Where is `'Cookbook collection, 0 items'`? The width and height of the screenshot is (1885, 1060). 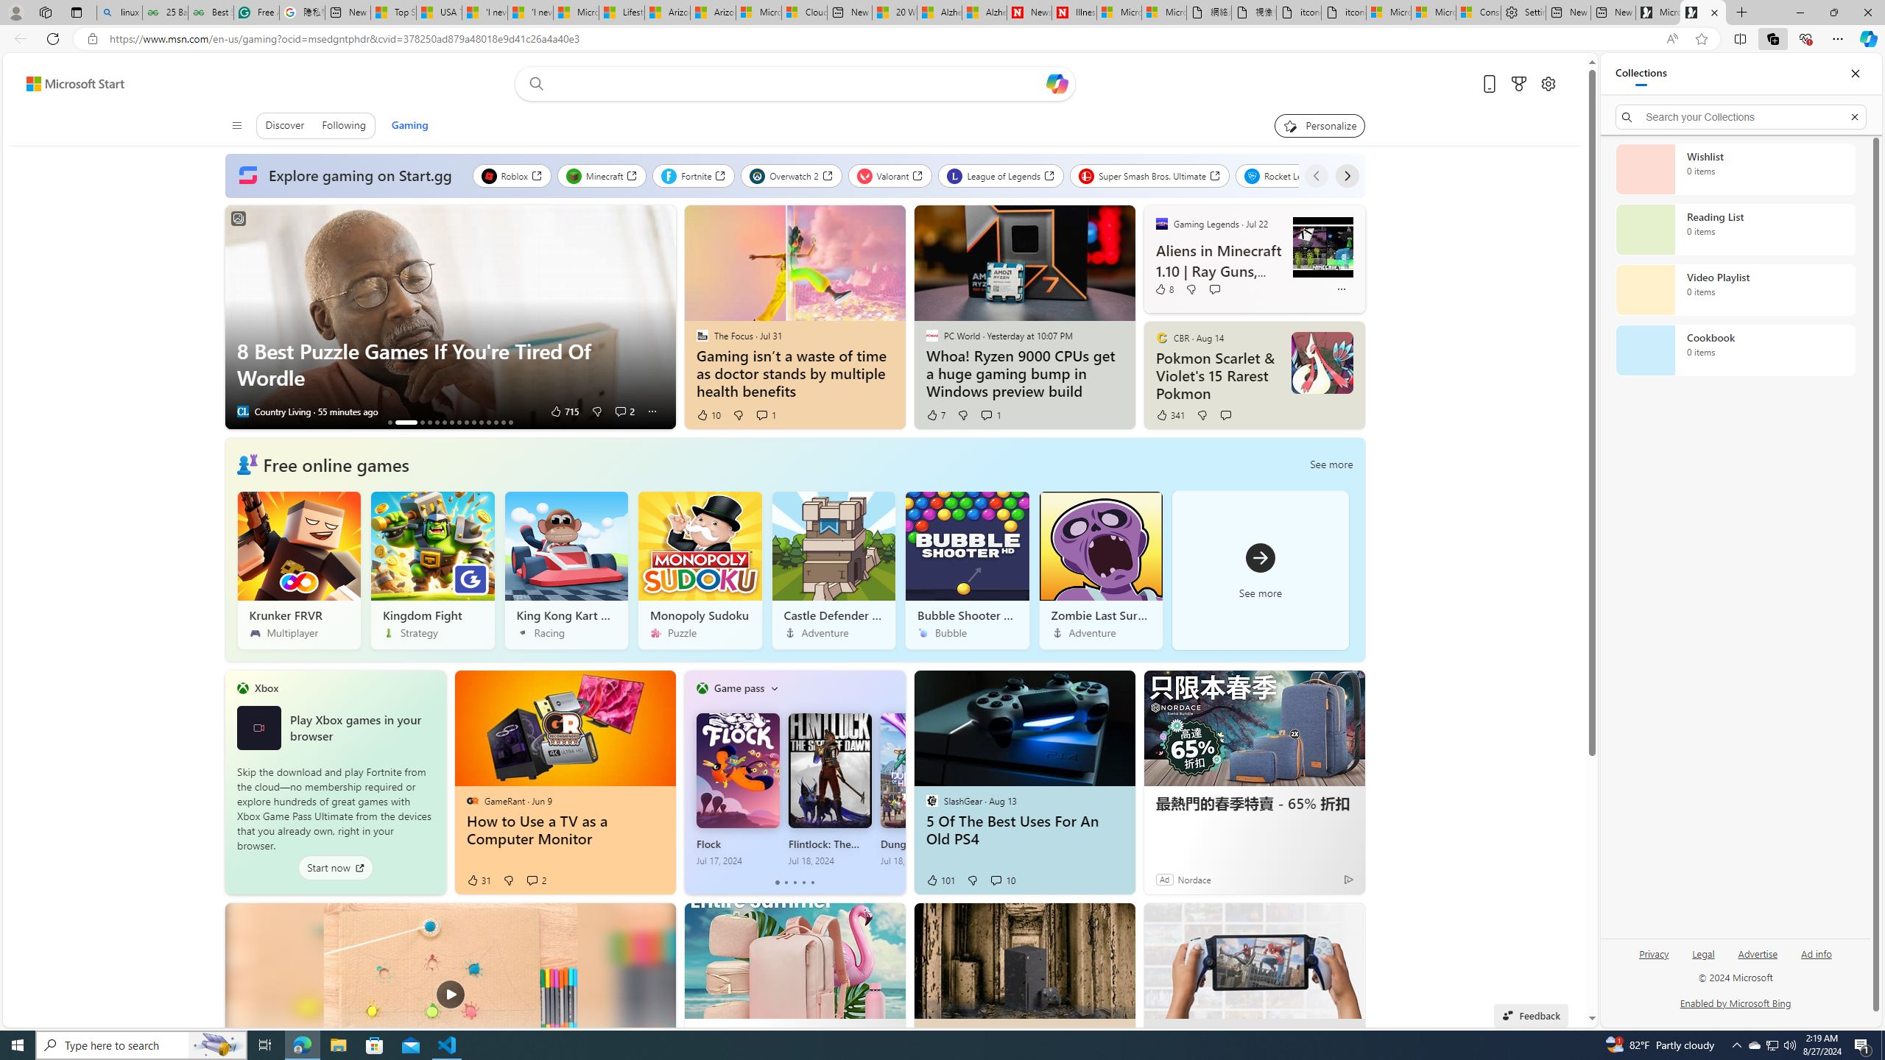 'Cookbook collection, 0 items' is located at coordinates (1735, 349).